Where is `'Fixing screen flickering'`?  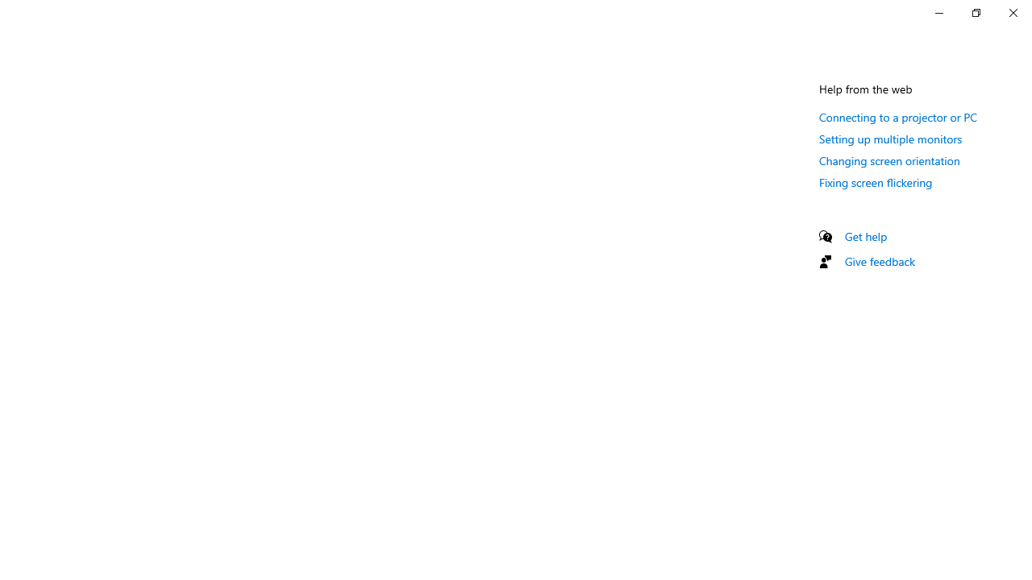 'Fixing screen flickering' is located at coordinates (875, 181).